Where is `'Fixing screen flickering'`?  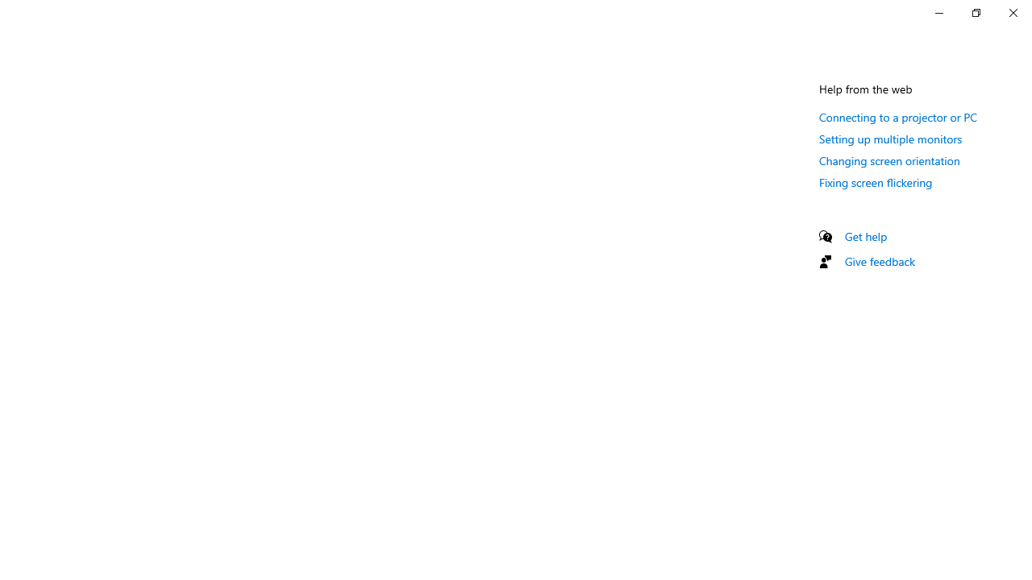 'Fixing screen flickering' is located at coordinates (875, 181).